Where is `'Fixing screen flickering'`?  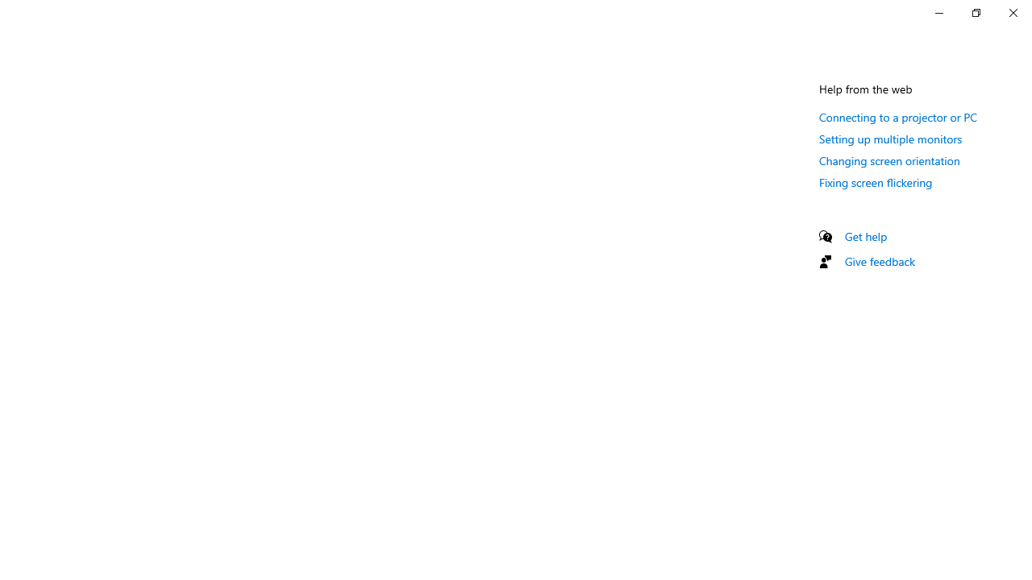 'Fixing screen flickering' is located at coordinates (875, 181).